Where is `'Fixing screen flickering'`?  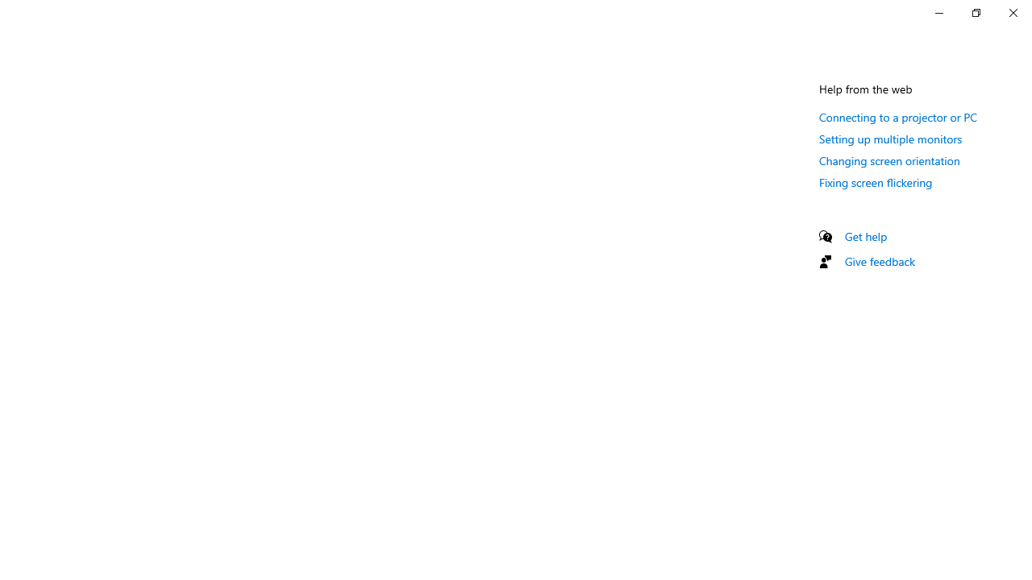 'Fixing screen flickering' is located at coordinates (875, 181).